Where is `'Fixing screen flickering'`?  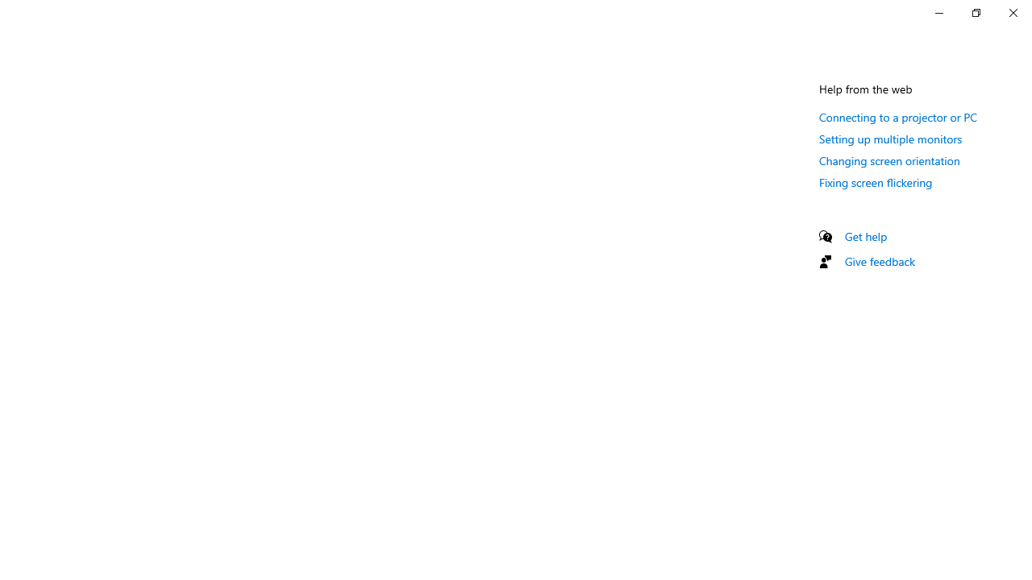 'Fixing screen flickering' is located at coordinates (875, 181).